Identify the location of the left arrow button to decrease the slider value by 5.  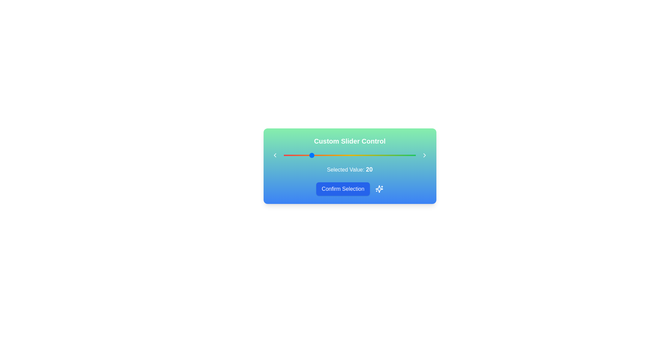
(275, 155).